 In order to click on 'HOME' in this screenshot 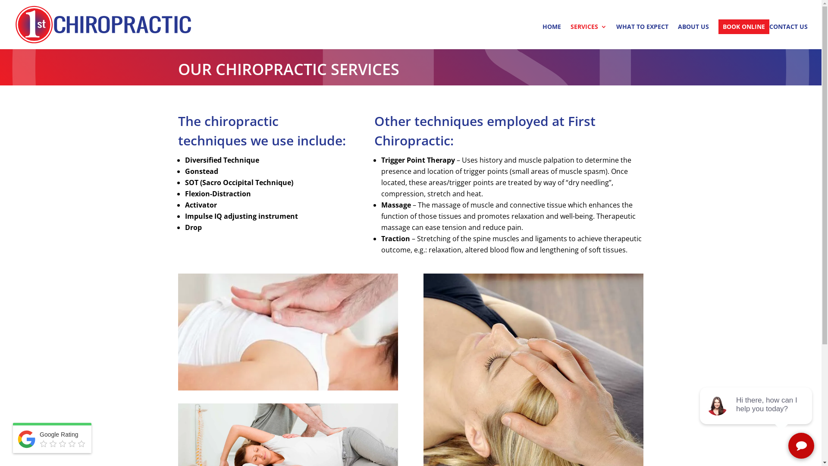, I will do `click(551, 36)`.